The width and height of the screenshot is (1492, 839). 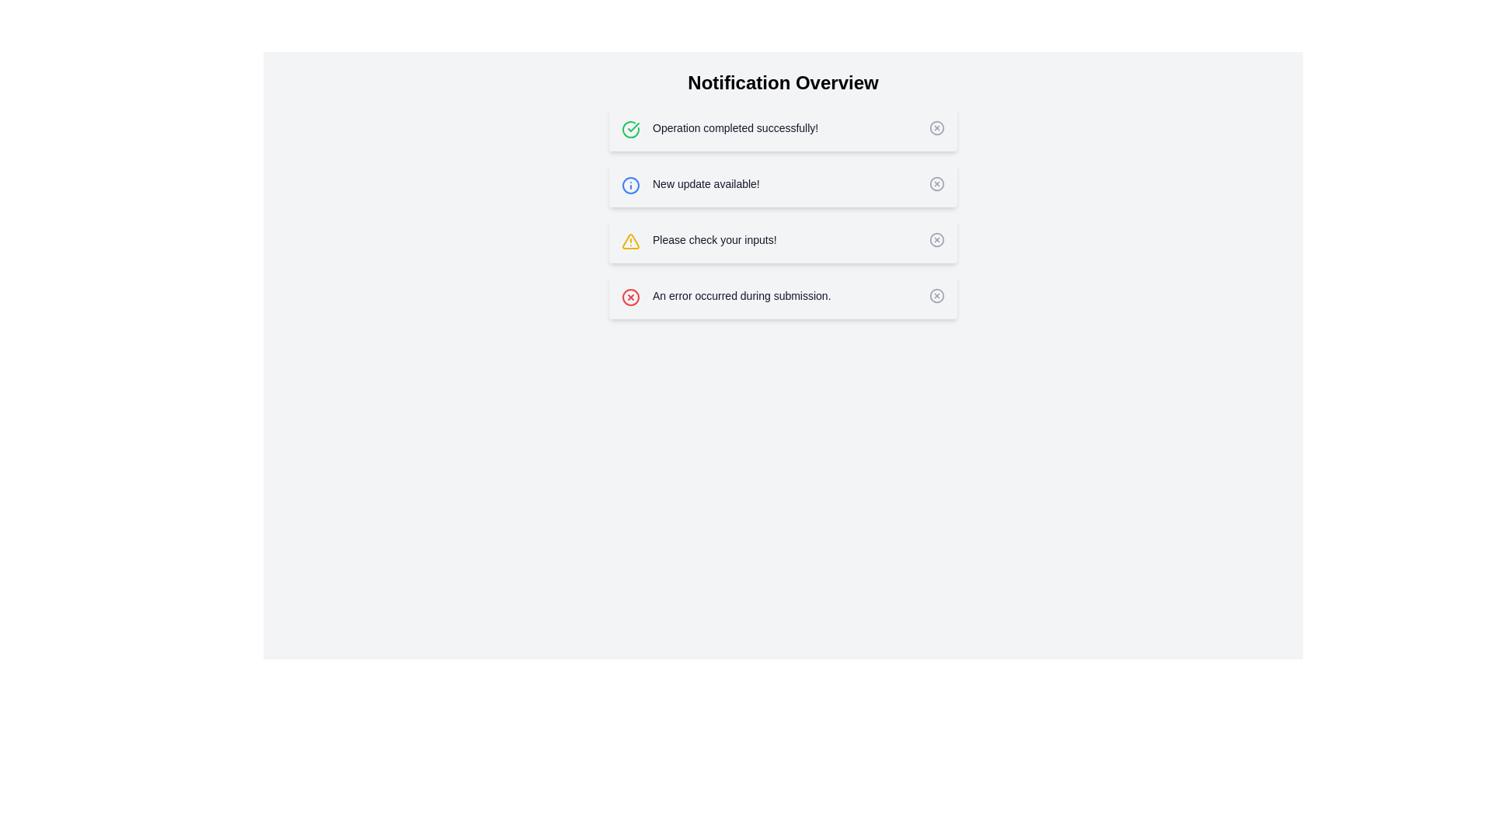 I want to click on the circular close button with a grey border and a red cross, which is located at the right-hand side of the notification box indicating 'Operation completed successfully!', so click(x=936, y=127).